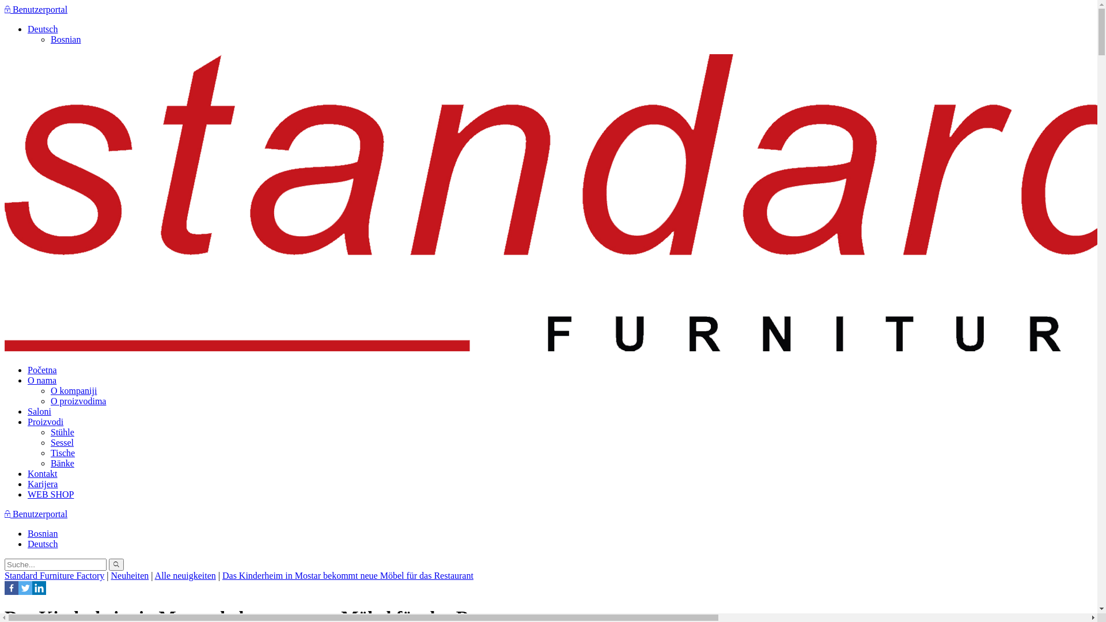 The width and height of the screenshot is (1106, 622). Describe the element at coordinates (28, 380) in the screenshot. I see `'O nama'` at that location.